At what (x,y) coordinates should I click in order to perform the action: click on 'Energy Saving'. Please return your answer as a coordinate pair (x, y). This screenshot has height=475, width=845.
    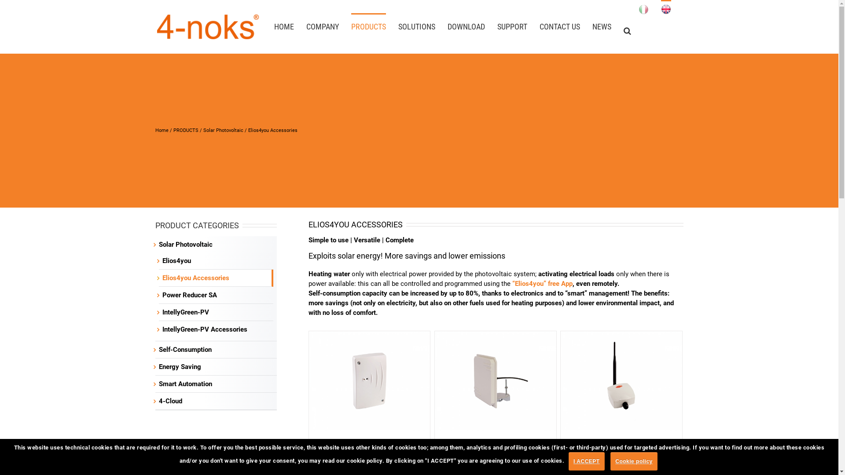
    Looking at the image, I should click on (179, 366).